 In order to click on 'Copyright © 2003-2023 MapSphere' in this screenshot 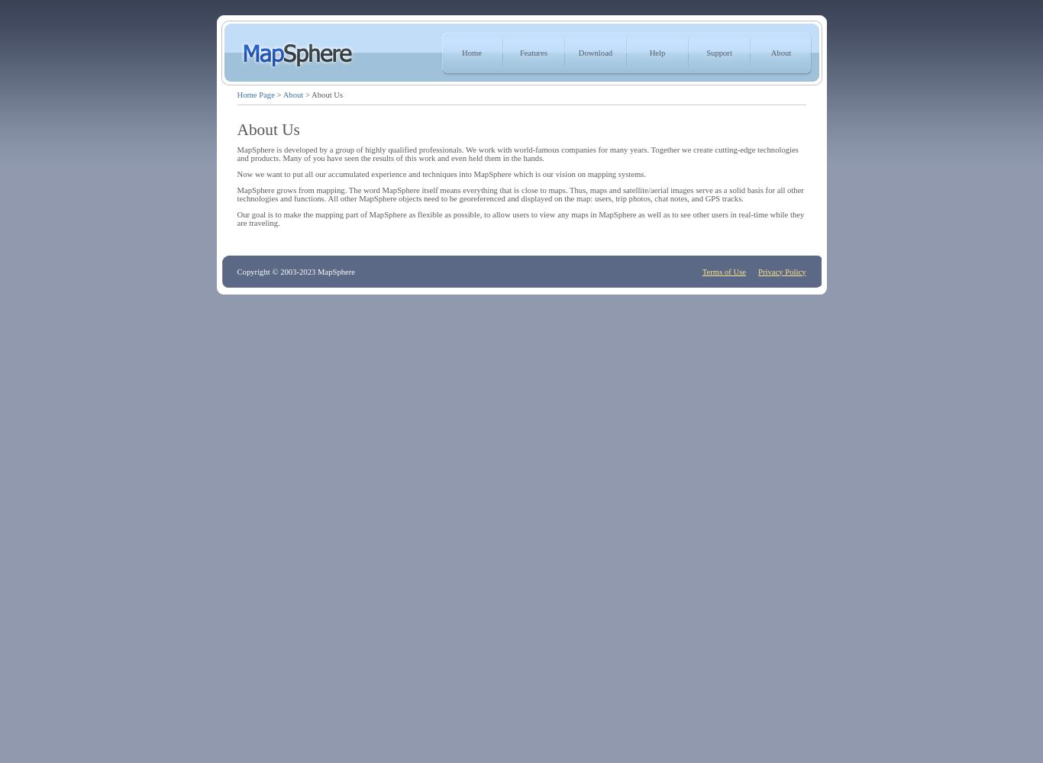, I will do `click(236, 270)`.